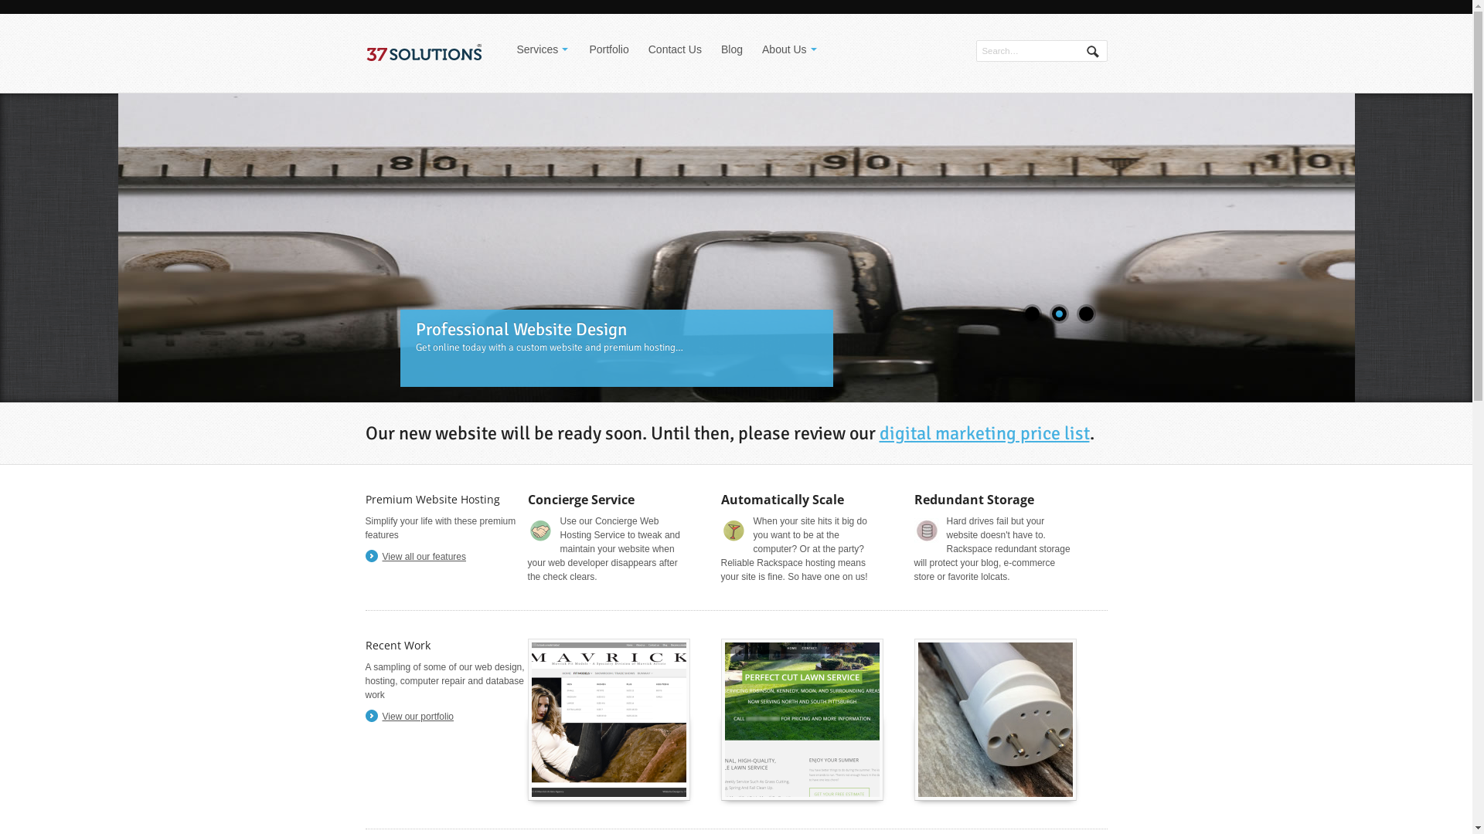  What do you see at coordinates (641, 49) in the screenshot?
I see `'Contact Us'` at bounding box center [641, 49].